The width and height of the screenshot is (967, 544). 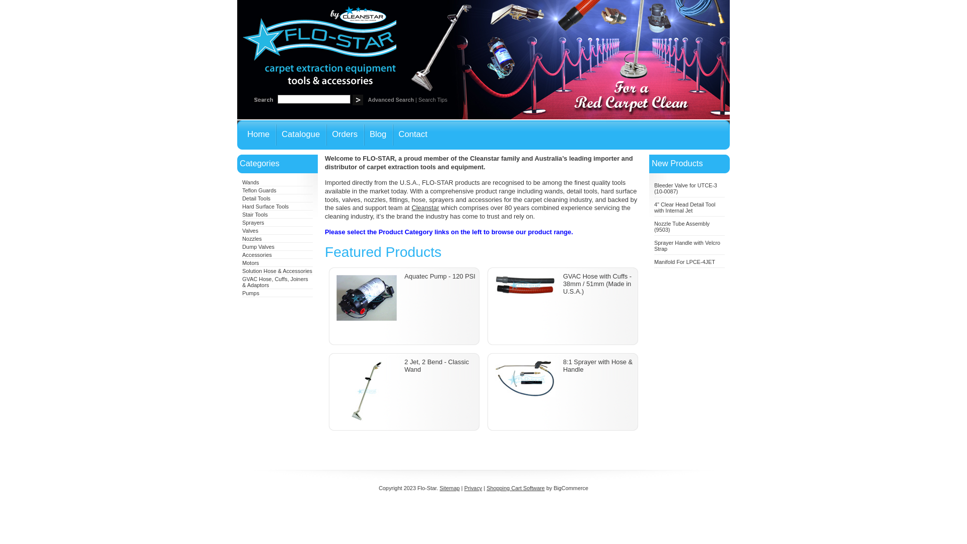 What do you see at coordinates (277, 270) in the screenshot?
I see `'Solution Hose & Accessories'` at bounding box center [277, 270].